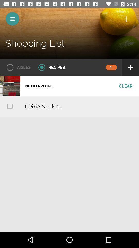 The height and width of the screenshot is (248, 139). What do you see at coordinates (17, 67) in the screenshot?
I see `aisles option` at bounding box center [17, 67].